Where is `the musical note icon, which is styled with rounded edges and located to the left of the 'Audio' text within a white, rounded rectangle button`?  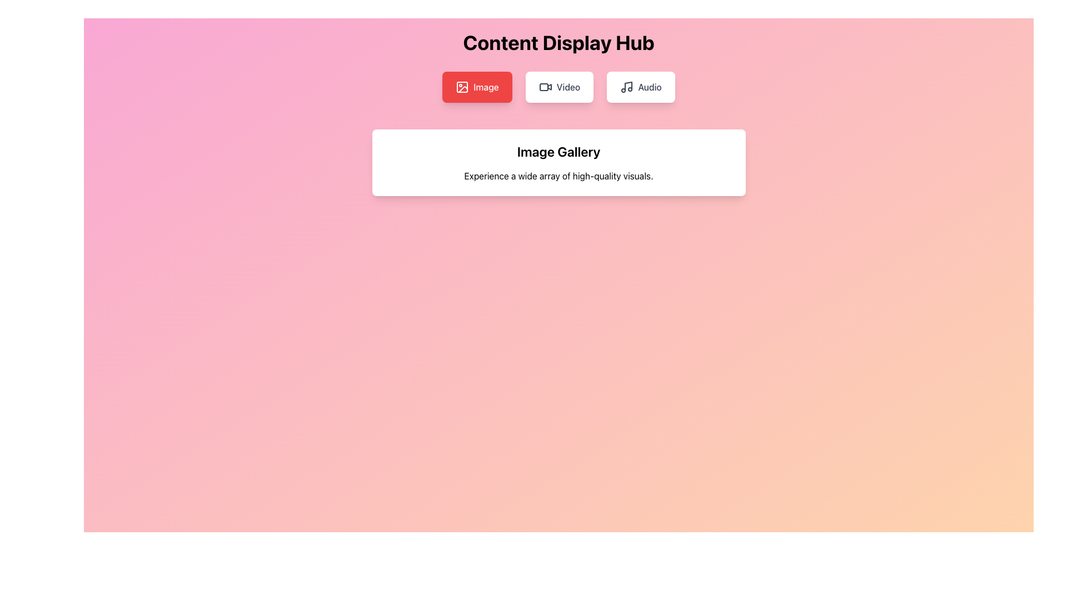
the musical note icon, which is styled with rounded edges and located to the left of the 'Audio' text within a white, rounded rectangle button is located at coordinates (627, 87).